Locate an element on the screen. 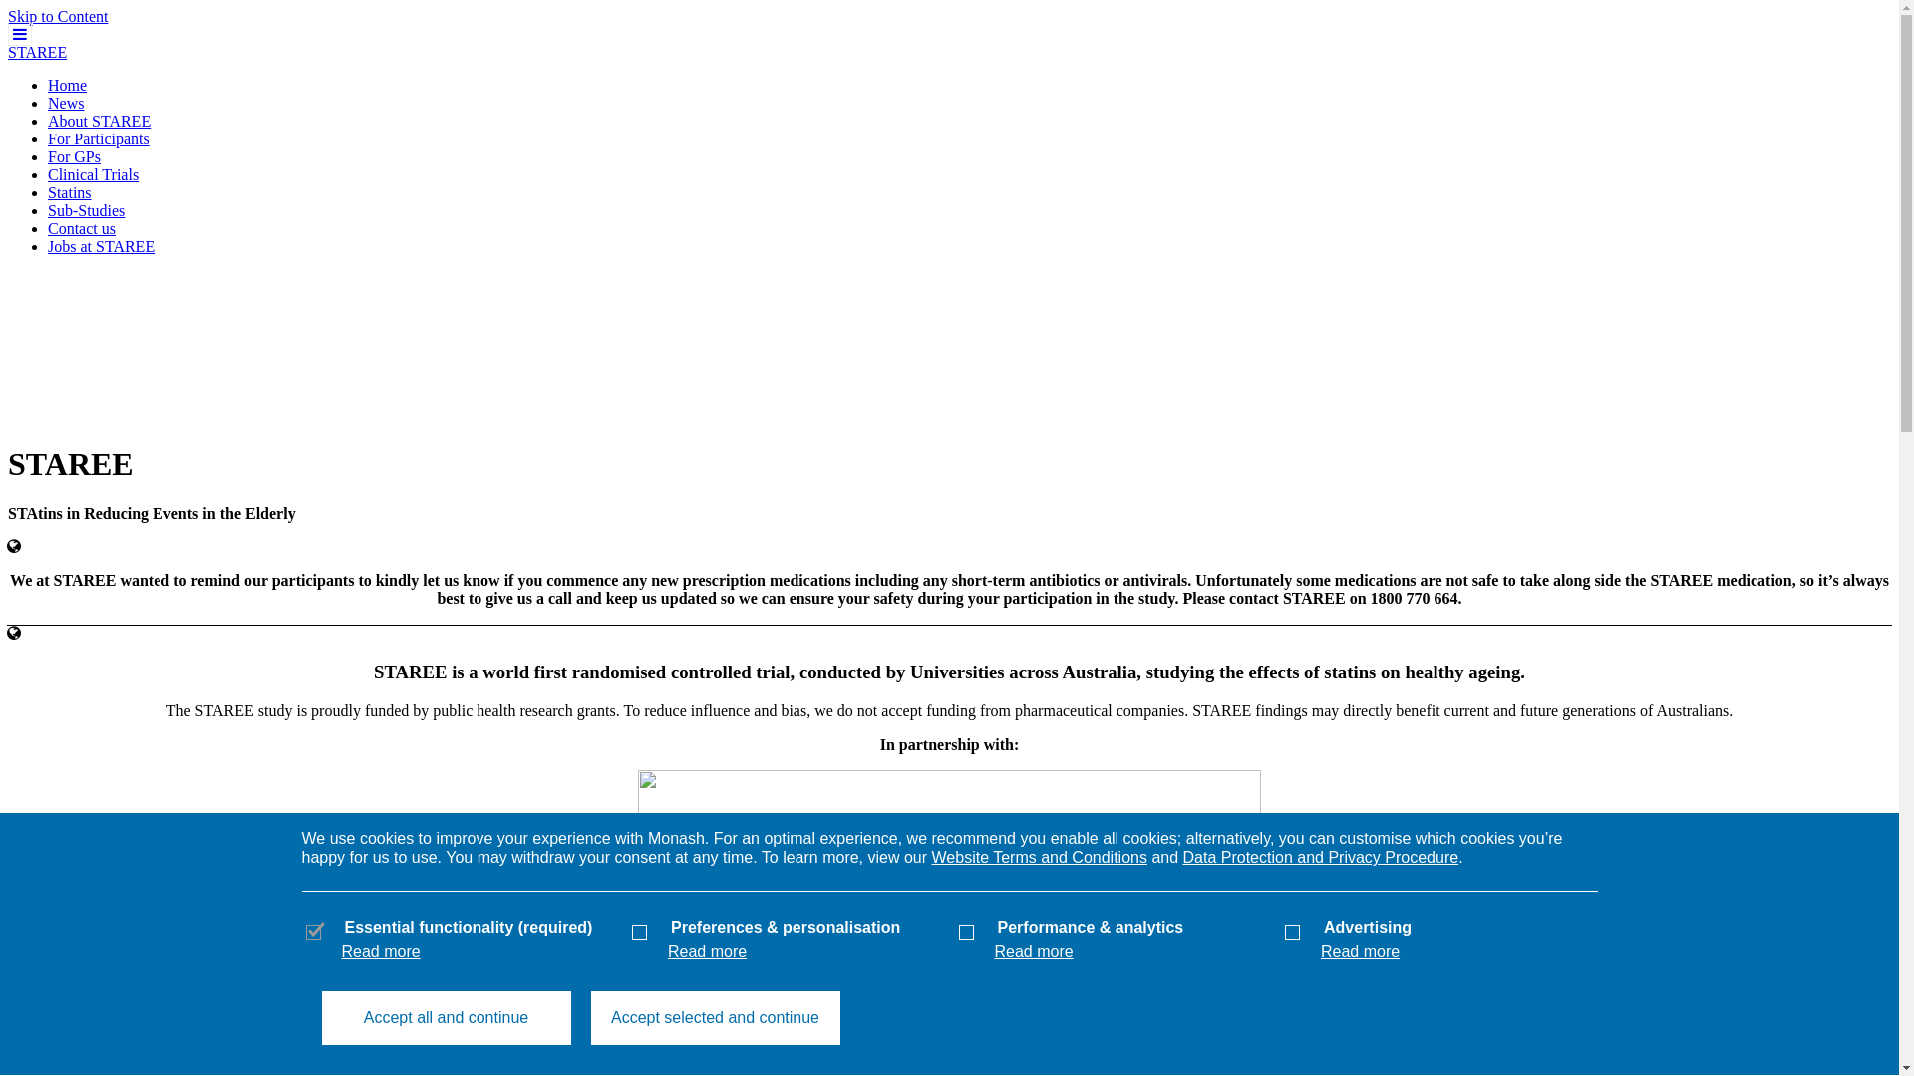  'Skip to Content' is located at coordinates (57, 16).